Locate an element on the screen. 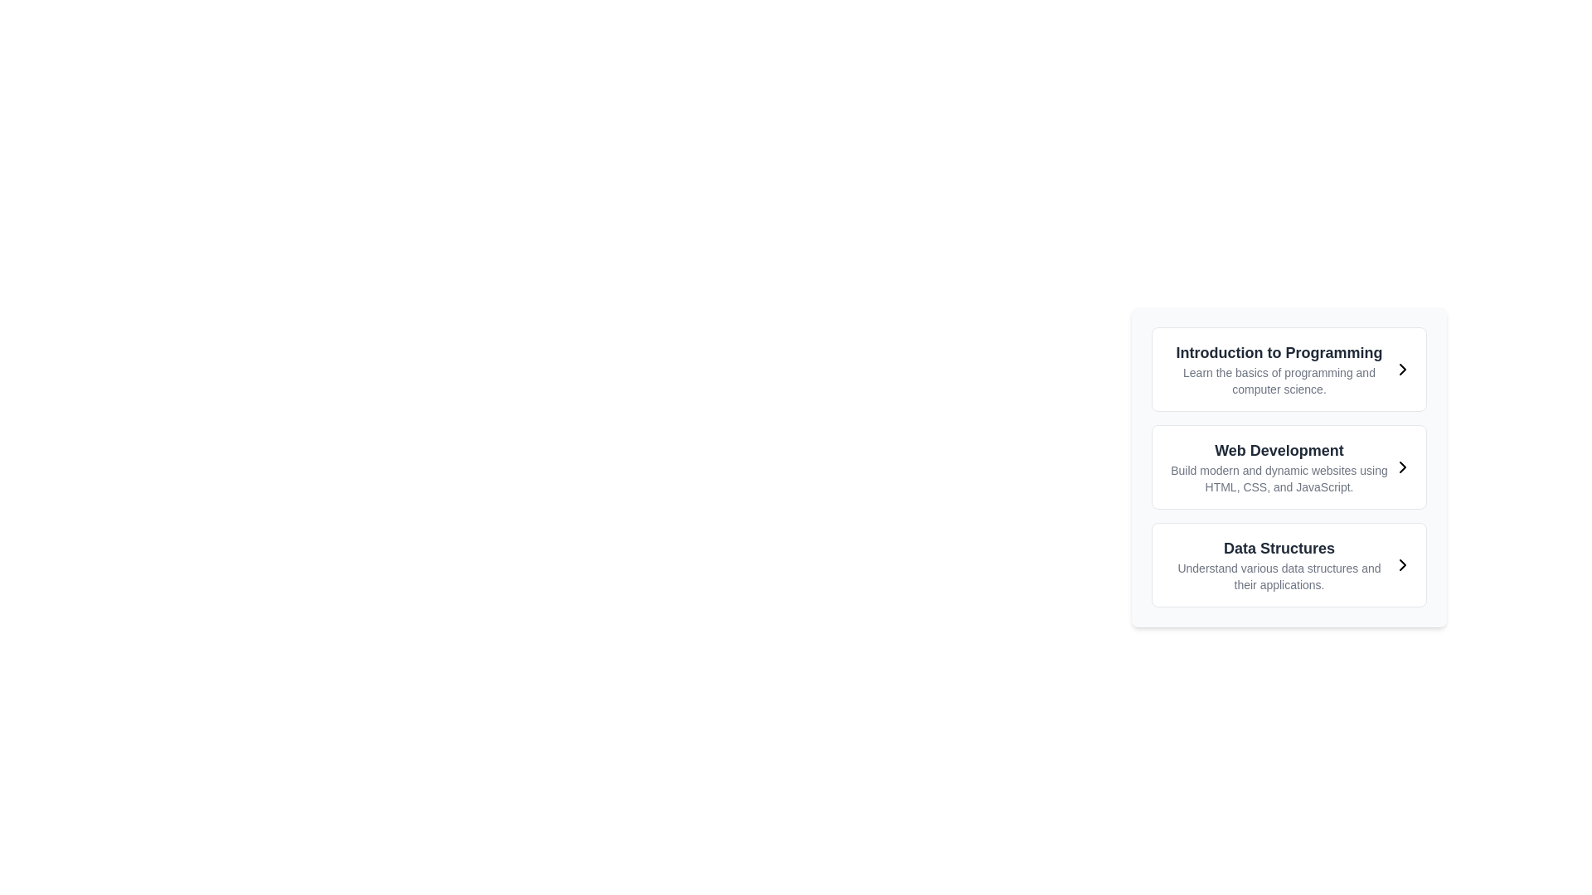 The image size is (1592, 895). the 'Data Structures' list item, which features a bold heading and a navigation icon is located at coordinates (1289, 564).